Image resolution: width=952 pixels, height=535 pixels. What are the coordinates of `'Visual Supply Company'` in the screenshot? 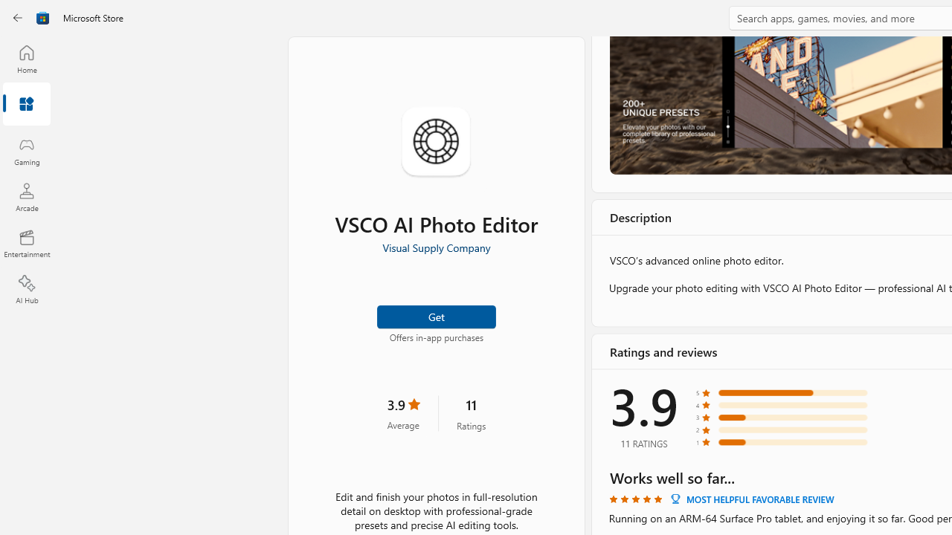 It's located at (435, 247).